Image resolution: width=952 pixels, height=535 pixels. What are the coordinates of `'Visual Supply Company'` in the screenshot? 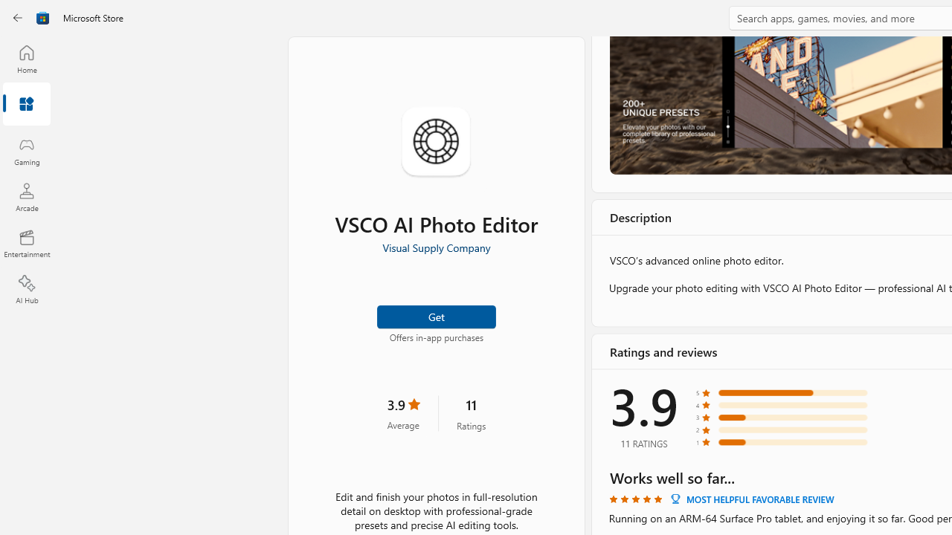 It's located at (435, 247).